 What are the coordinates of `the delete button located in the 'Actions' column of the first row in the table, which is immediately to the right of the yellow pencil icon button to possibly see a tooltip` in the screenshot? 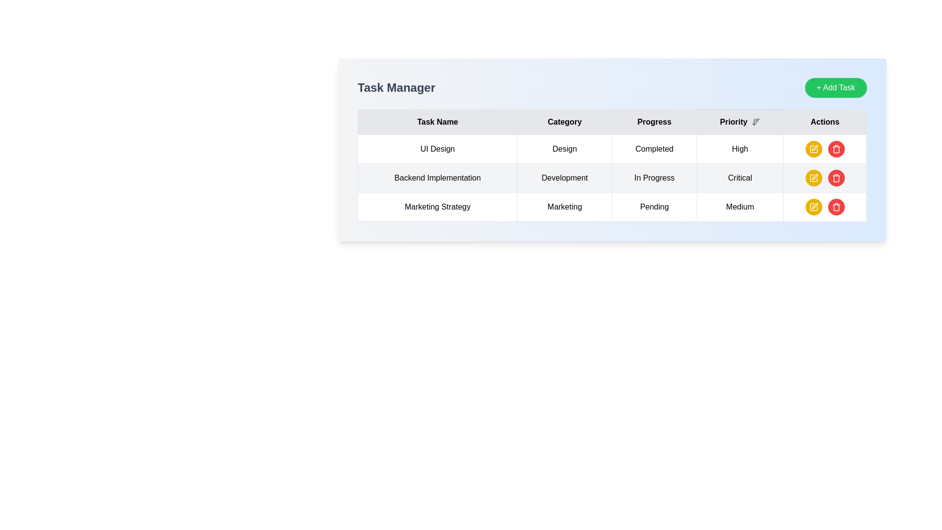 It's located at (824, 149).